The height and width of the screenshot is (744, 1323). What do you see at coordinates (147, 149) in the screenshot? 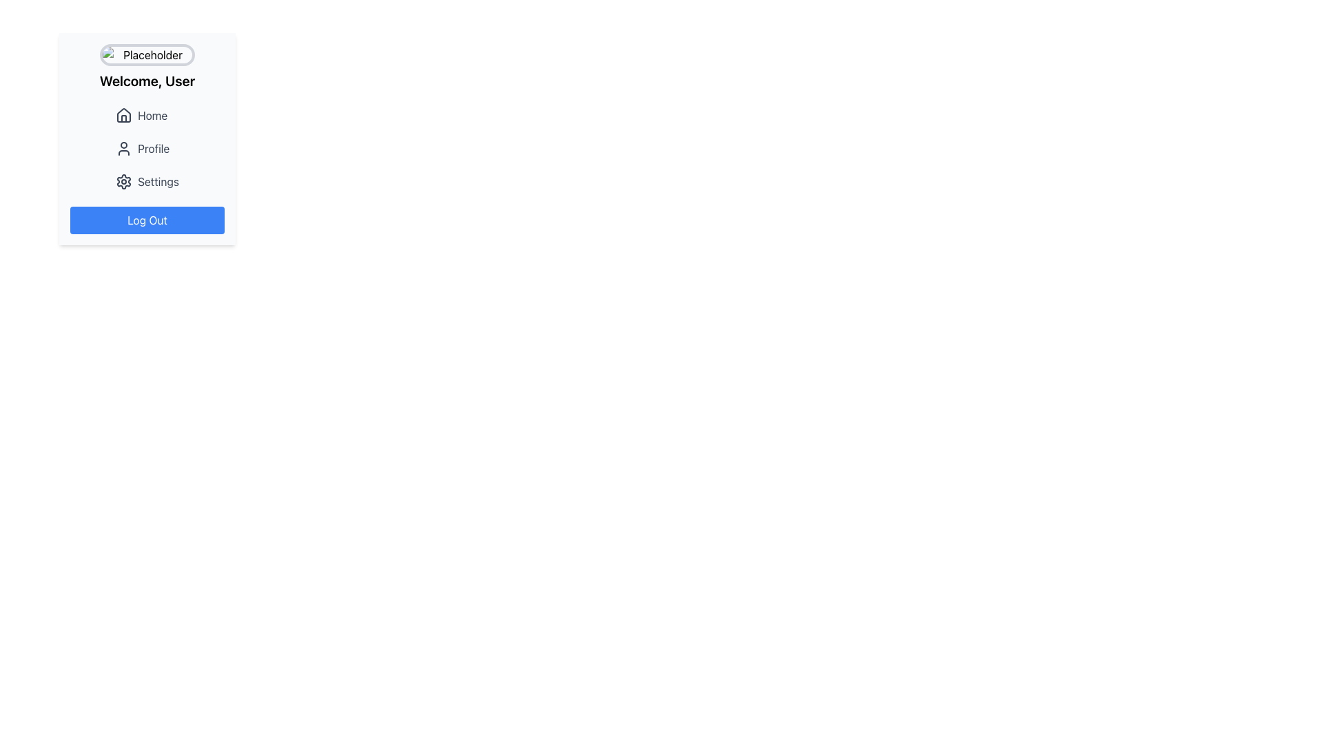
I see `the 'Profile' entry in the Vertical Navigation Menu` at bounding box center [147, 149].